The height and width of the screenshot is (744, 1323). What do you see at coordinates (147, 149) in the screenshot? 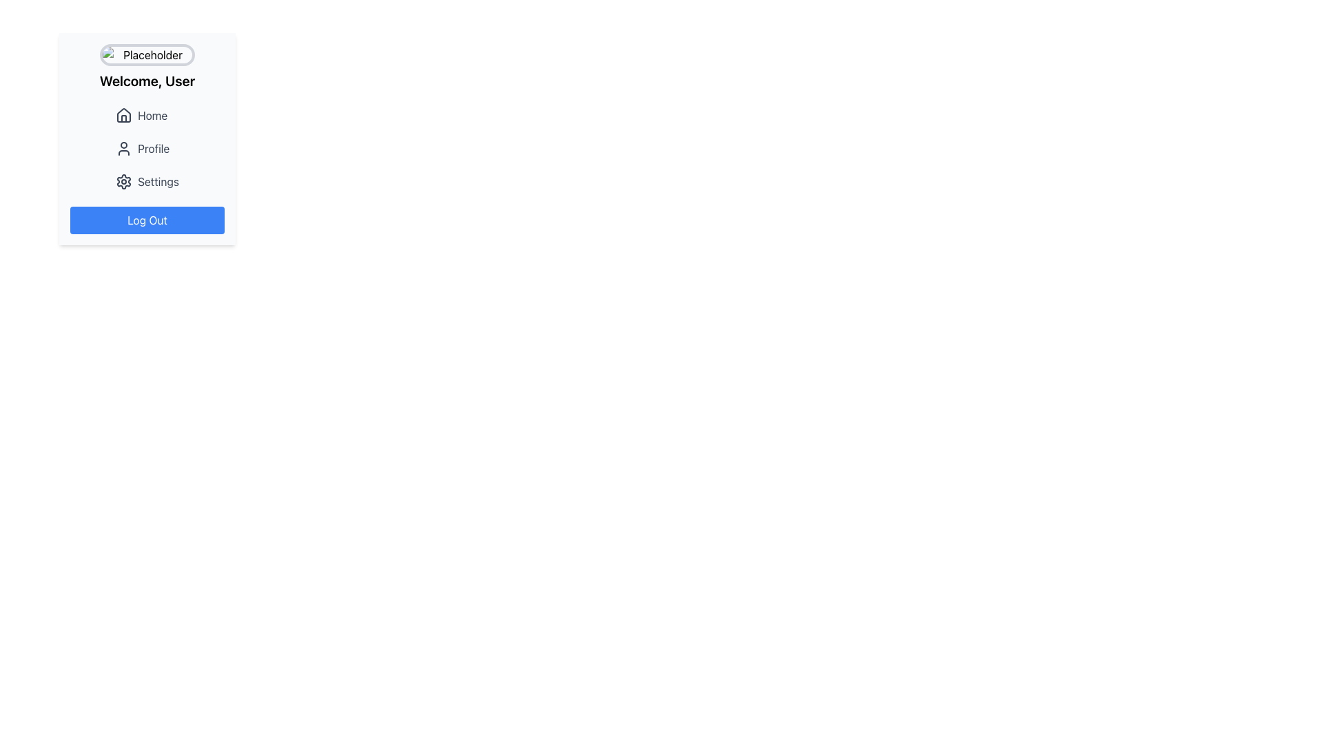
I see `the 'Profile' entry in the Vertical Navigation Menu` at bounding box center [147, 149].